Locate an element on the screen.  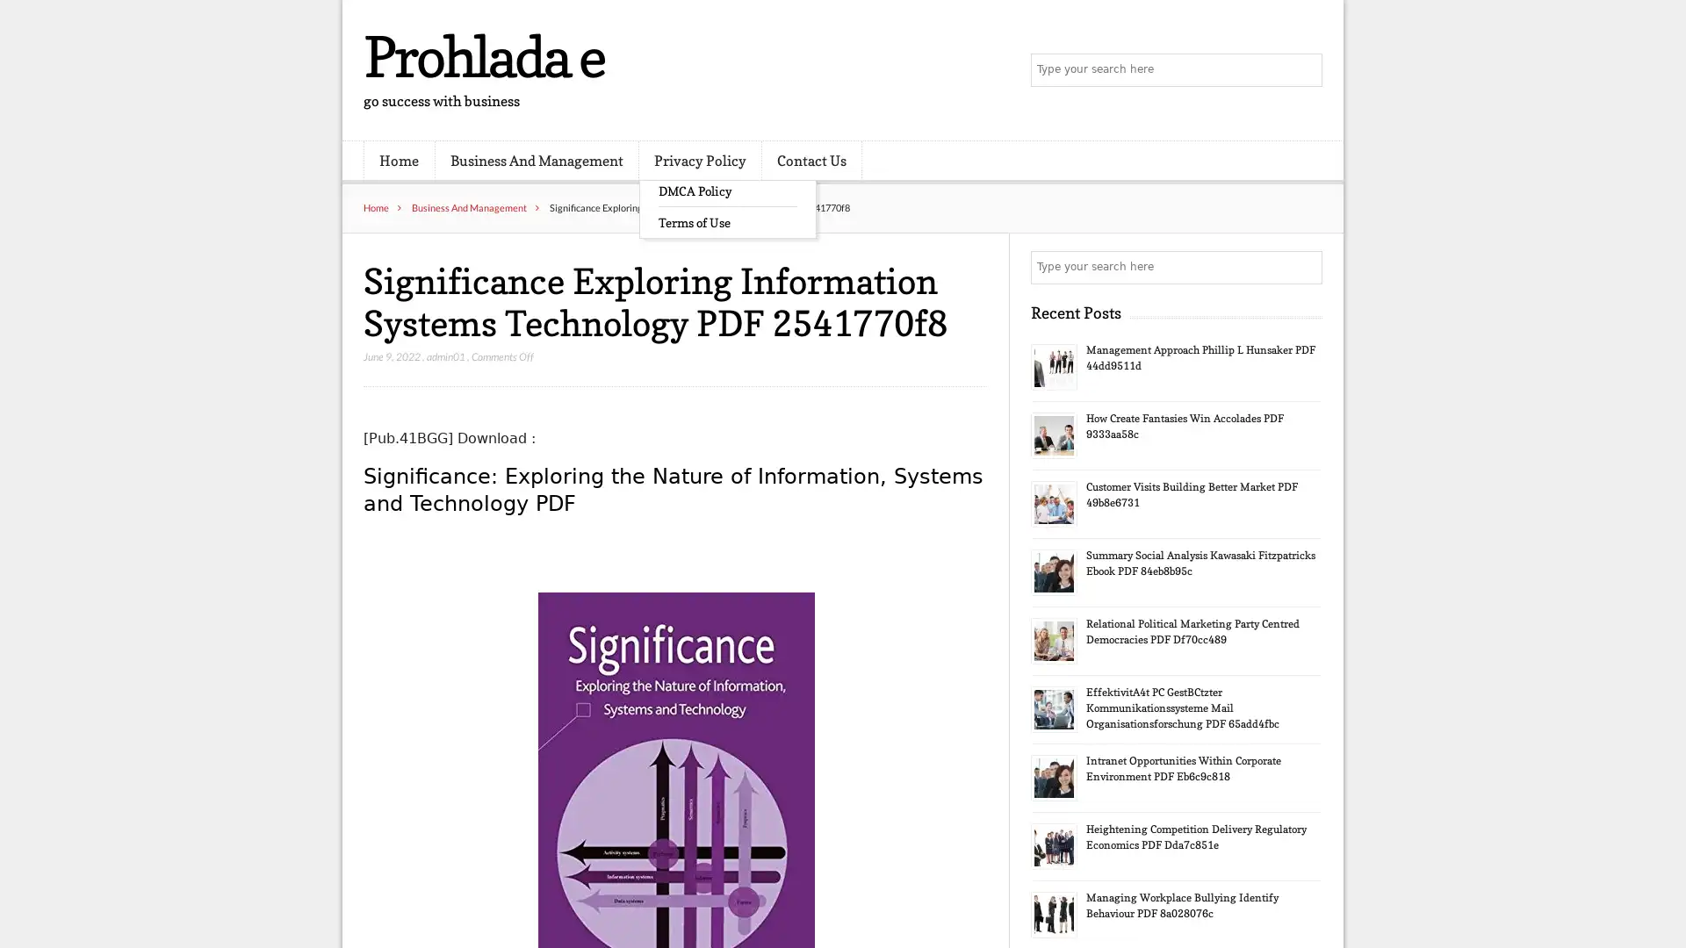
Search is located at coordinates (1304, 267).